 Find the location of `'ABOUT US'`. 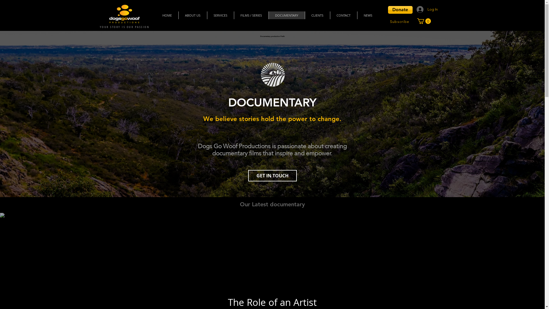

'ABOUT US' is located at coordinates (192, 15).